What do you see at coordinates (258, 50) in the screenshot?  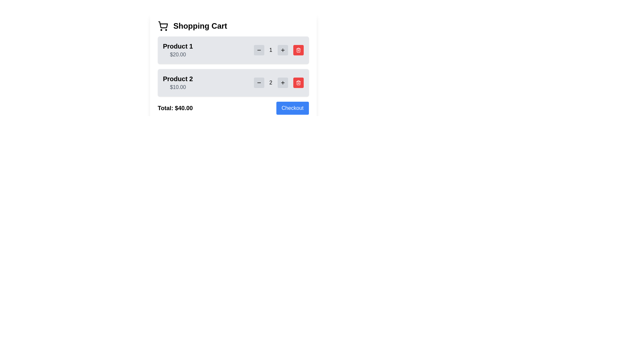 I see `the button to decrease the quantity of 'Product 1', which is the first interactive element on the left in its row` at bounding box center [258, 50].